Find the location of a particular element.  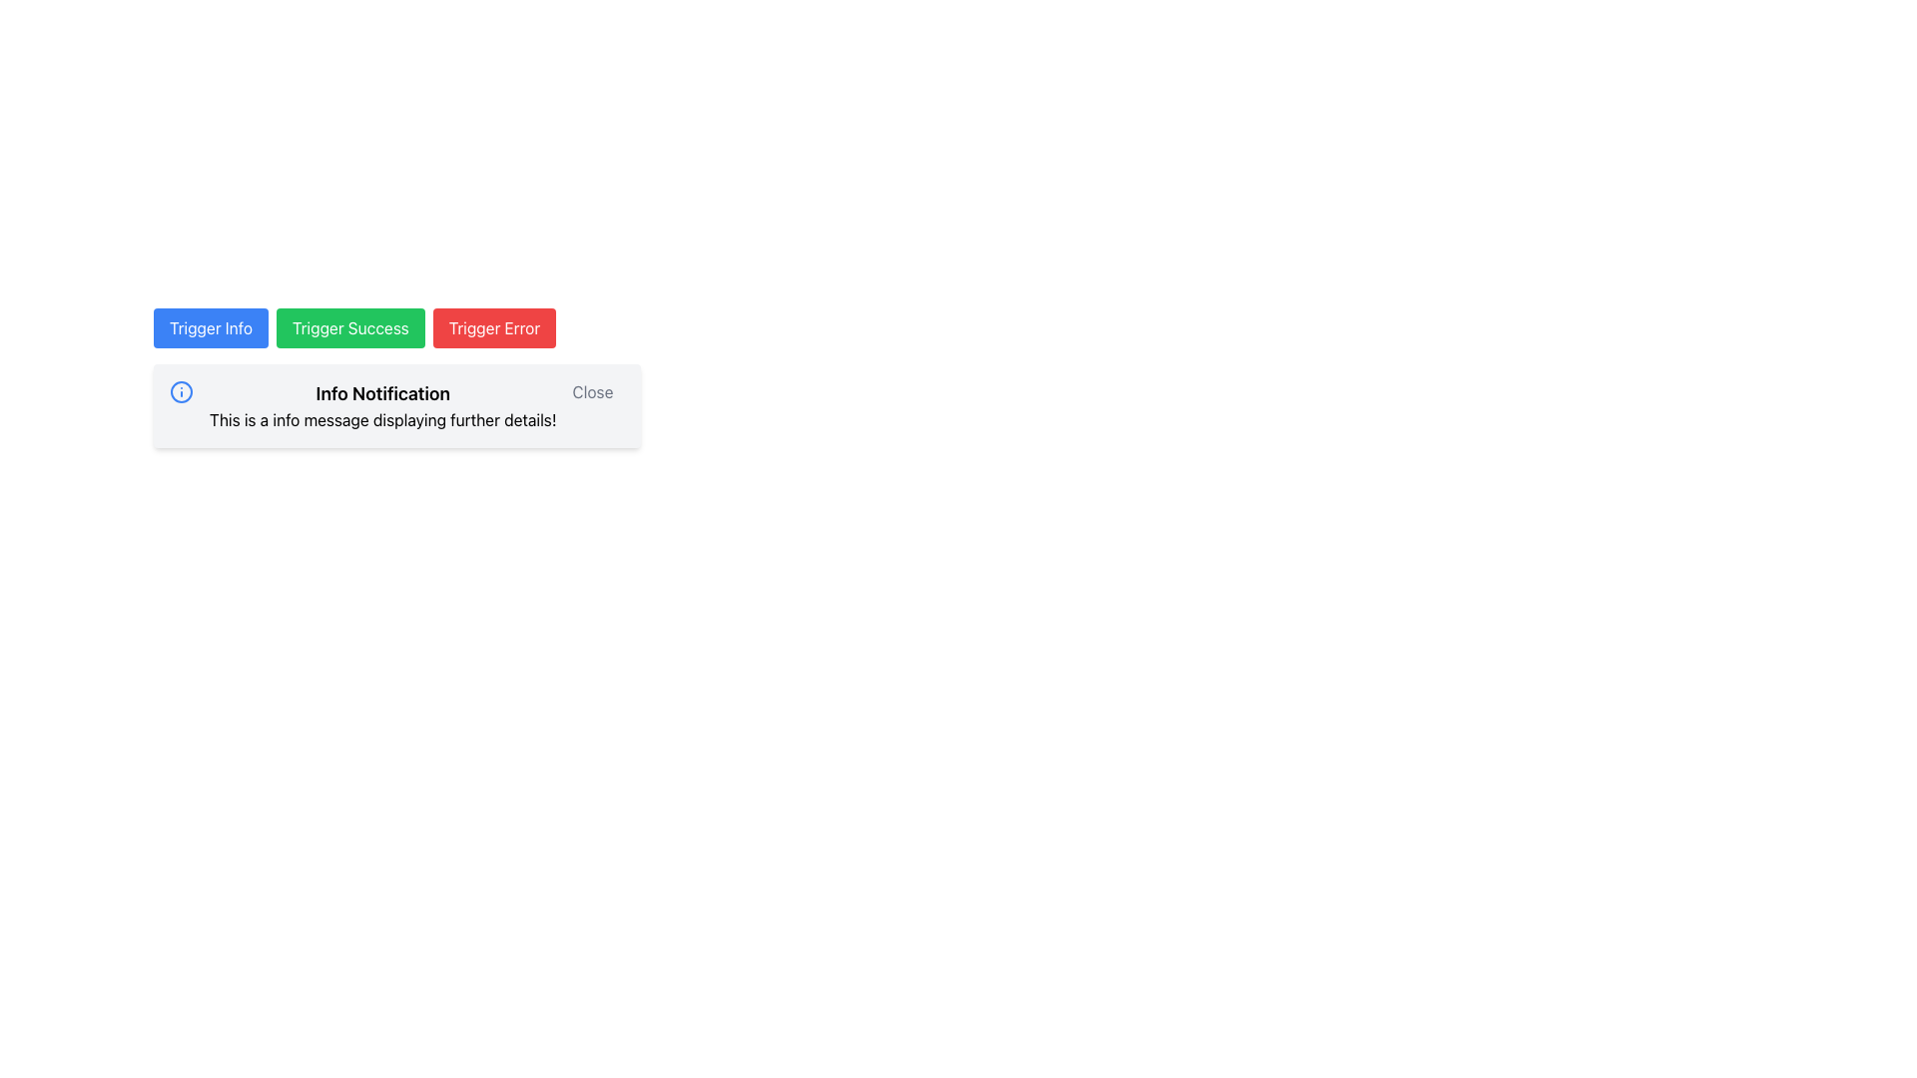

second text label in the notification component, which is styled as normal black text against a white background and located below the title 'Info Notification' is located at coordinates (382, 418).